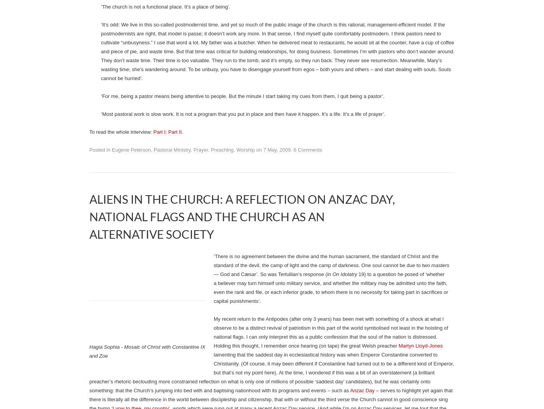 The height and width of the screenshot is (409, 544). What do you see at coordinates (276, 103) in the screenshot?
I see `'‘I begin with the conviction that everything in the gospel is experience-able. As a pastor, whatever the person’s situation, you’re saying to yourself,'` at bounding box center [276, 103].